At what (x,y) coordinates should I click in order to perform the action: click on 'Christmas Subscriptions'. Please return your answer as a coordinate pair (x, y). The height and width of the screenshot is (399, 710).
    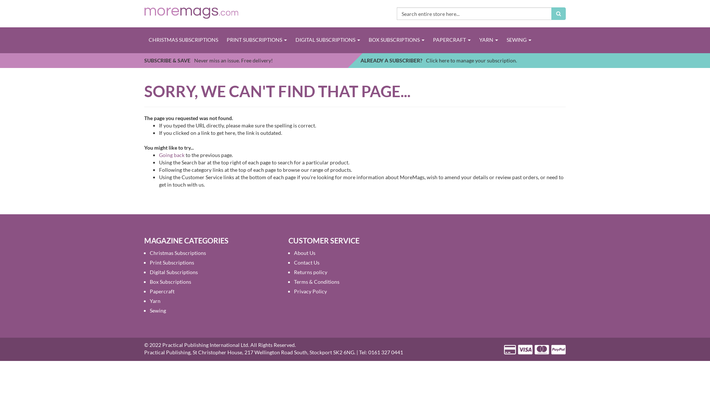
    Looking at the image, I should click on (177, 252).